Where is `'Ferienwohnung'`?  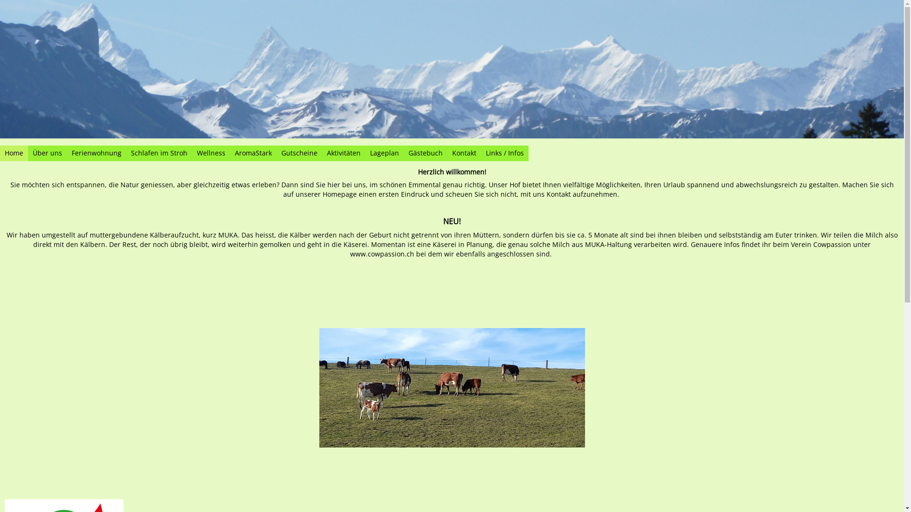 'Ferienwohnung' is located at coordinates (66, 153).